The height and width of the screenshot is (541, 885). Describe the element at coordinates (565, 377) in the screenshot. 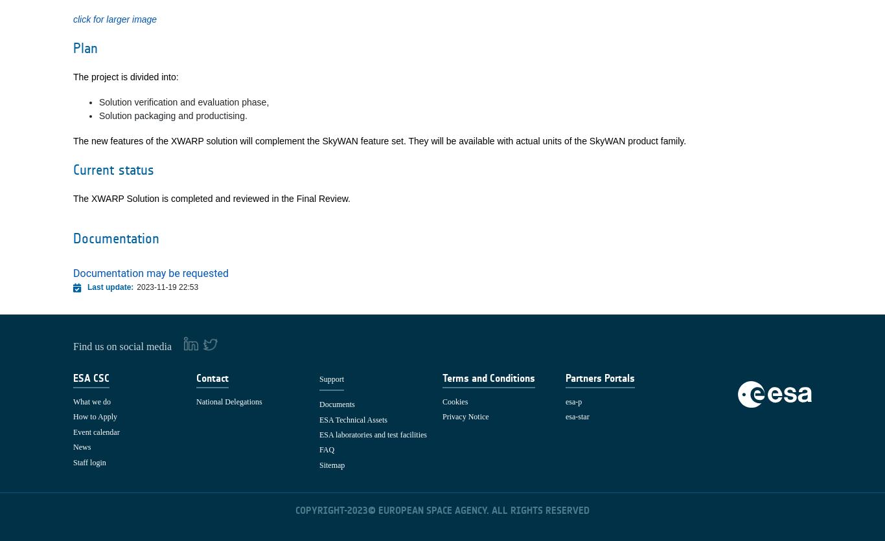

I see `'Partners Portals'` at that location.